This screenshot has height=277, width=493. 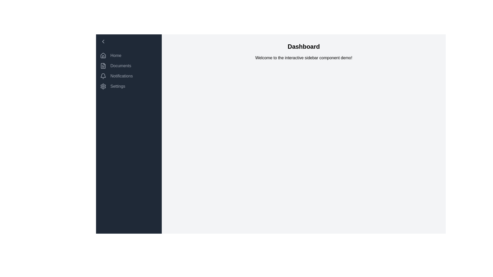 I want to click on the navigation item Documents in the sidebar, so click(x=129, y=66).